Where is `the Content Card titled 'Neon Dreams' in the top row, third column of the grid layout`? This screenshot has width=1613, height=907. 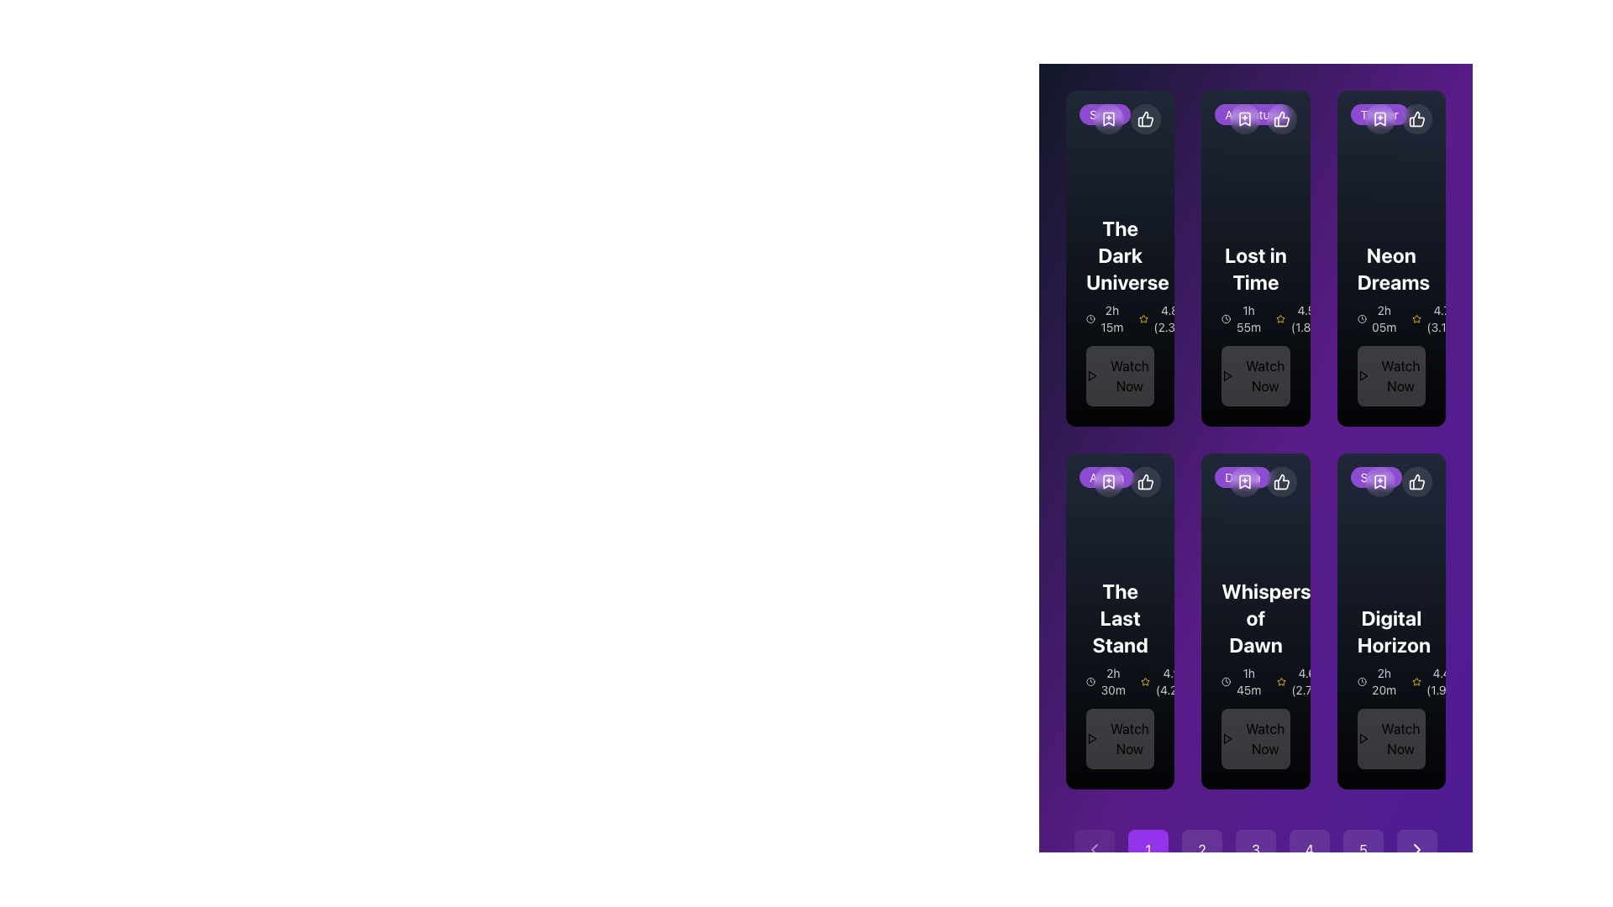
the Content Card titled 'Neon Dreams' in the top row, third column of the grid layout is located at coordinates (1391, 323).